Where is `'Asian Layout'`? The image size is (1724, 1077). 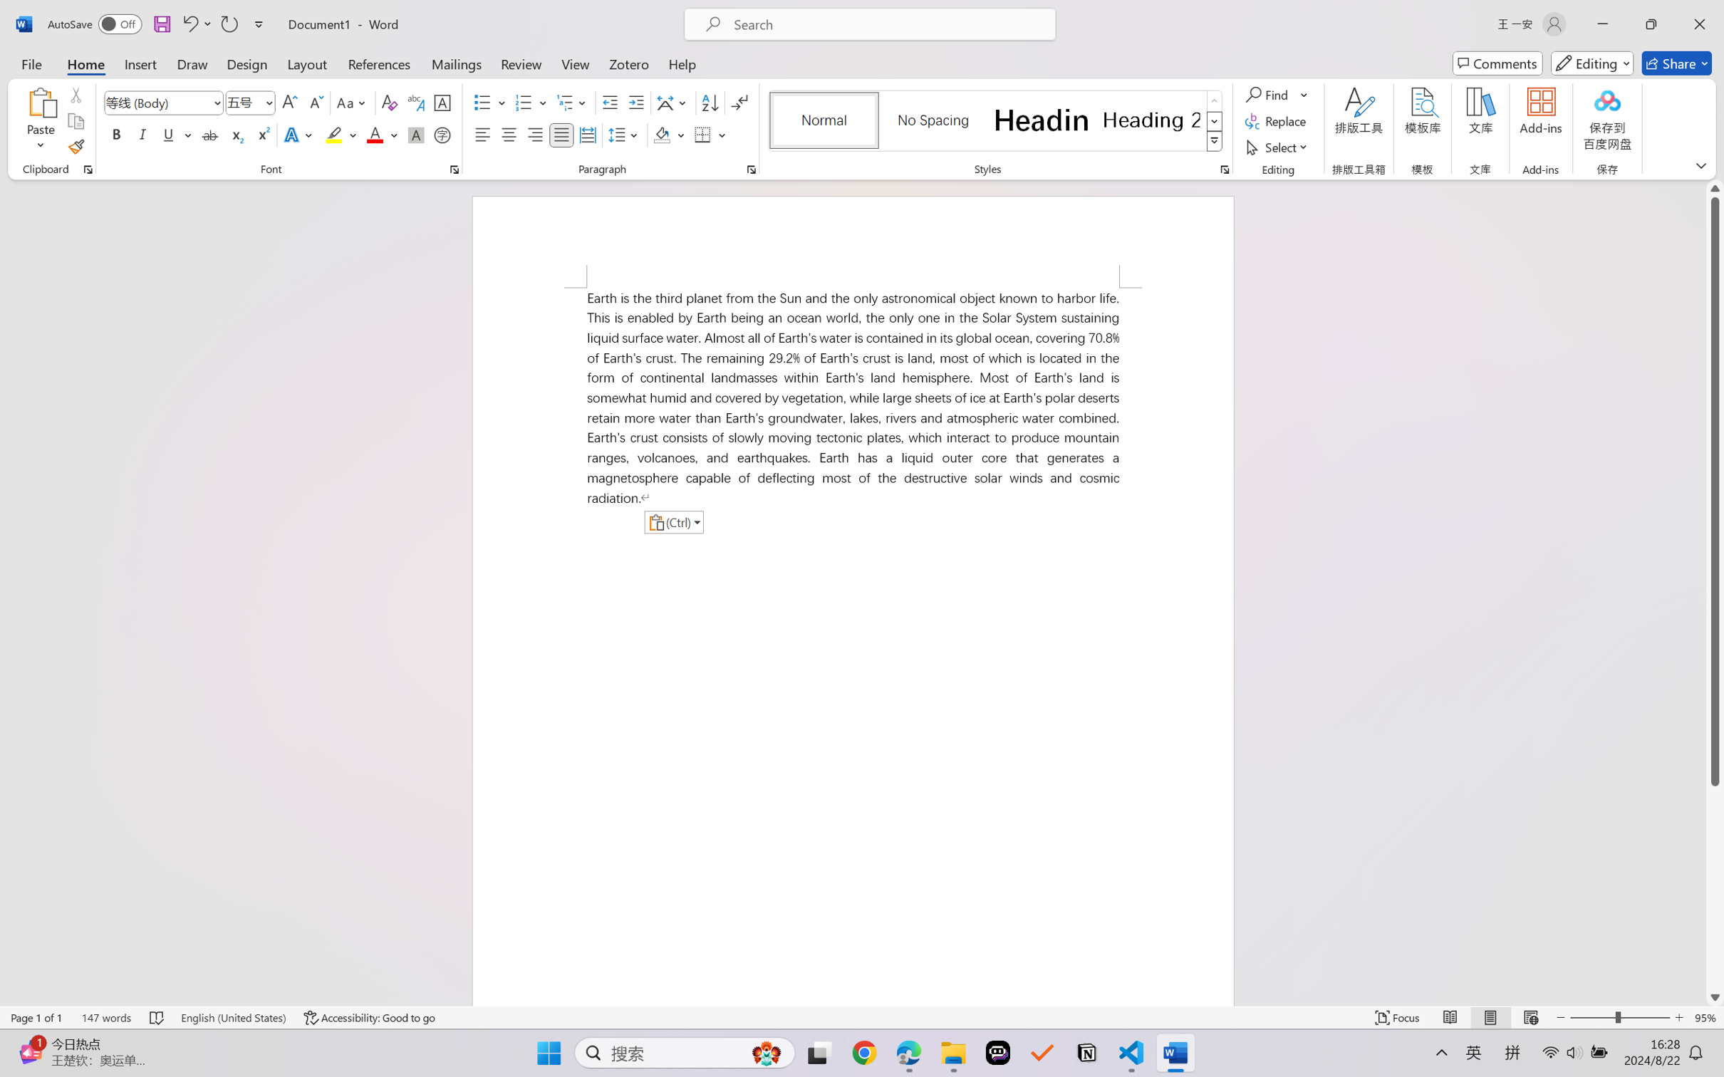
'Asian Layout' is located at coordinates (673, 103).